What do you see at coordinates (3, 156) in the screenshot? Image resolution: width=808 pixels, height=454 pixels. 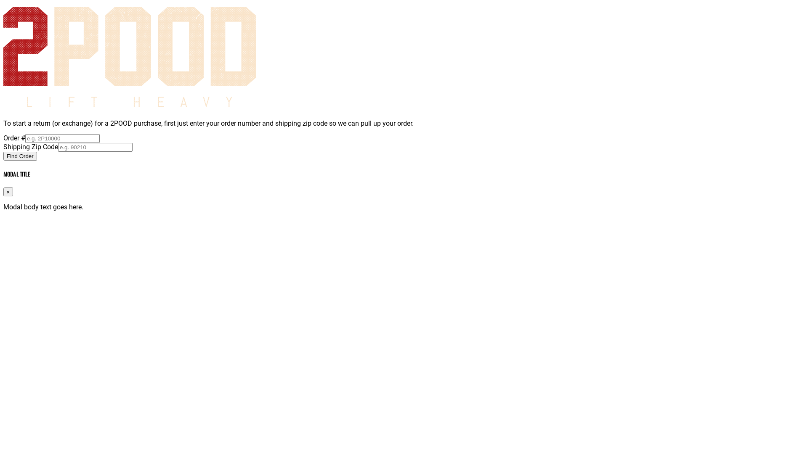 I see `'Find Order'` at bounding box center [3, 156].